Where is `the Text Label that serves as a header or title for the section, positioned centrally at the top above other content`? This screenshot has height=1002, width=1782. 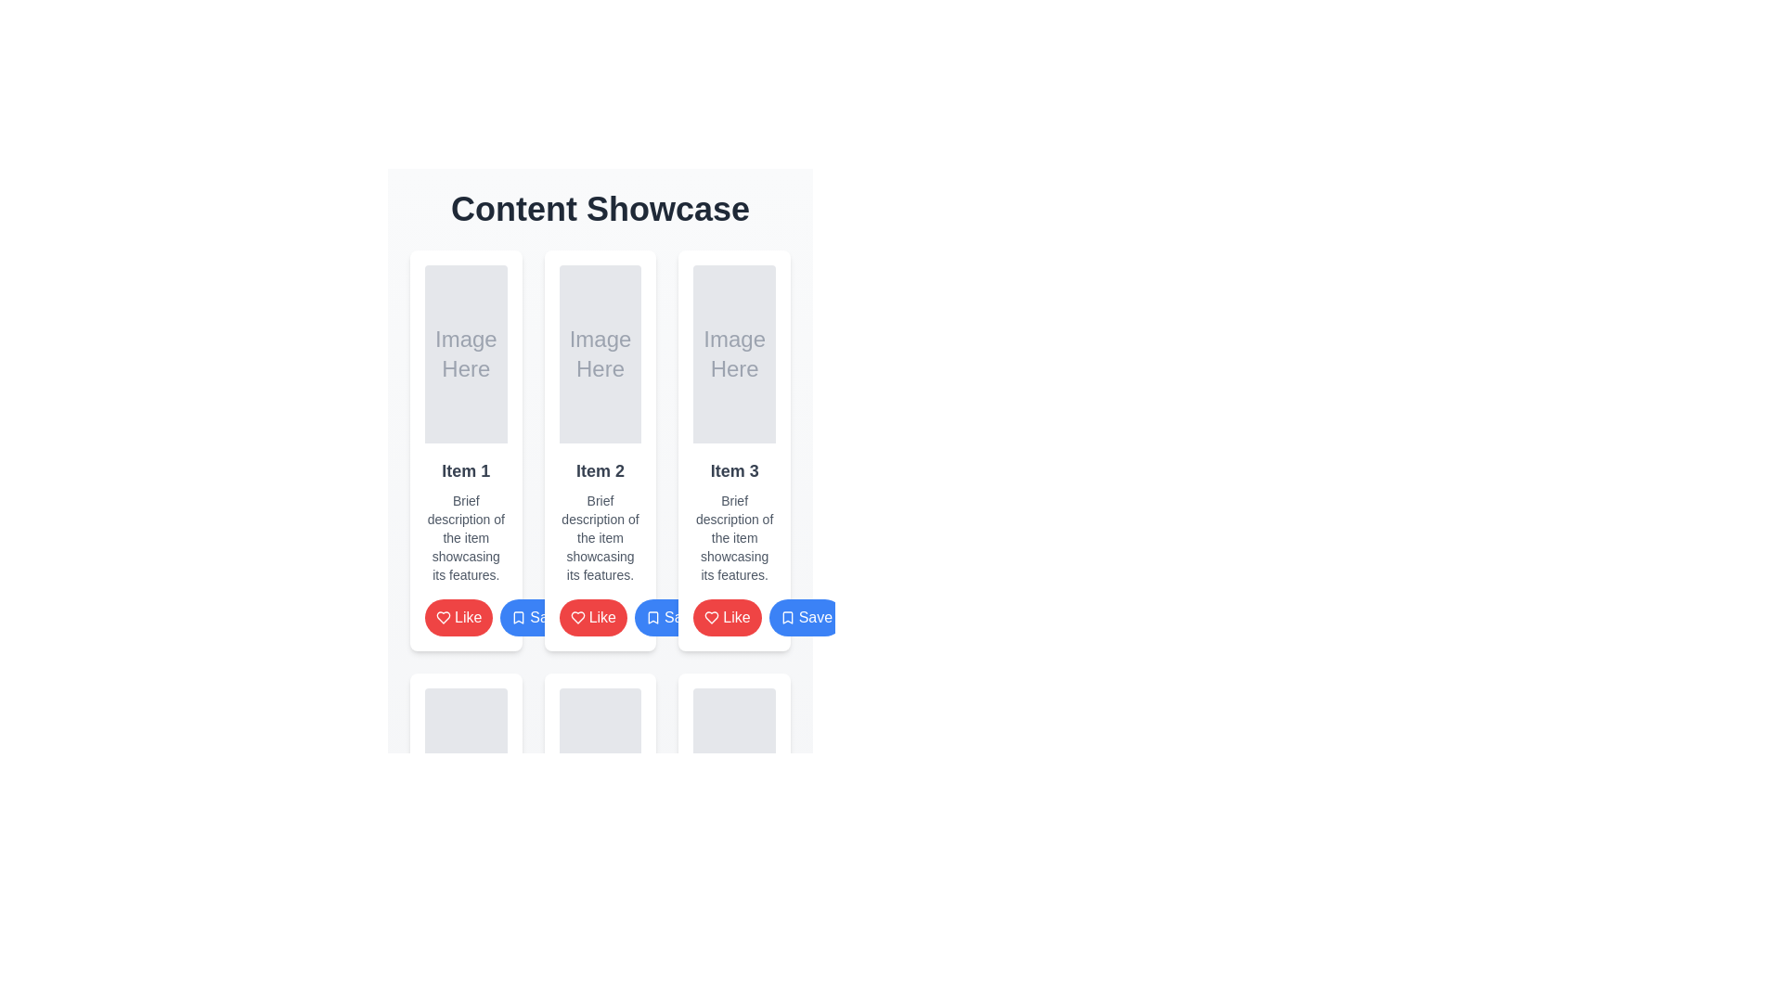 the Text Label that serves as a header or title for the section, positioned centrally at the top above other content is located at coordinates (600, 209).